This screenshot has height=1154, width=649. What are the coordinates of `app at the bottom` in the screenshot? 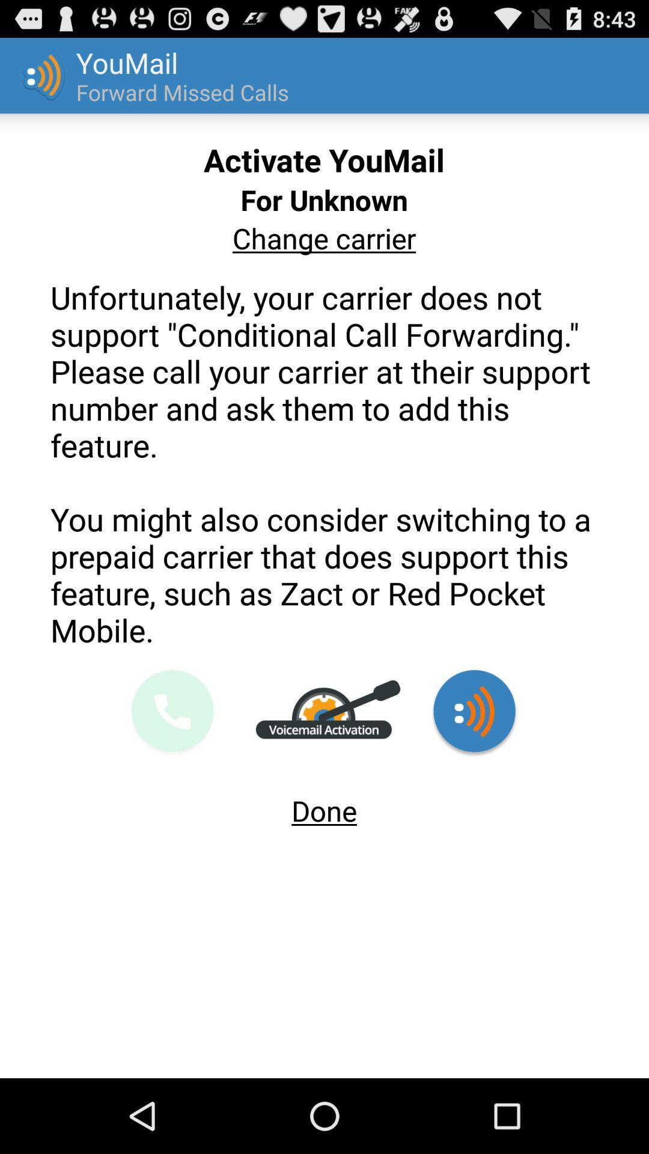 It's located at (323, 805).